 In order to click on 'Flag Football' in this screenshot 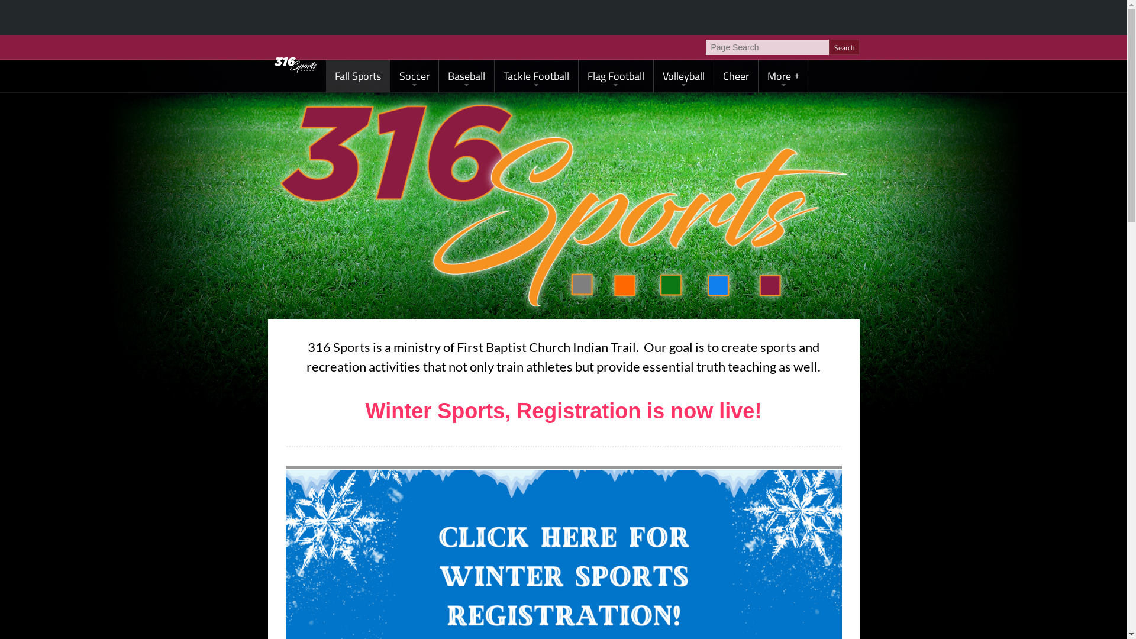, I will do `click(615, 76)`.